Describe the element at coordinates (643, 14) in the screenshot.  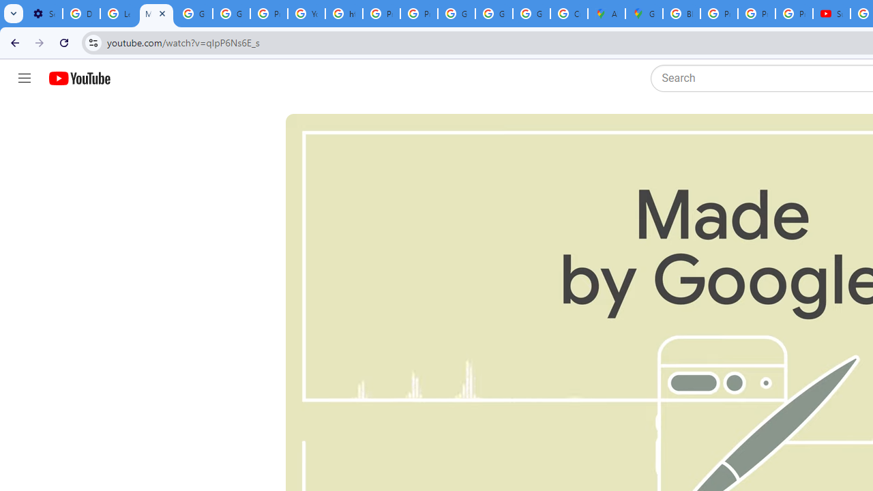
I see `'Google Maps'` at that location.